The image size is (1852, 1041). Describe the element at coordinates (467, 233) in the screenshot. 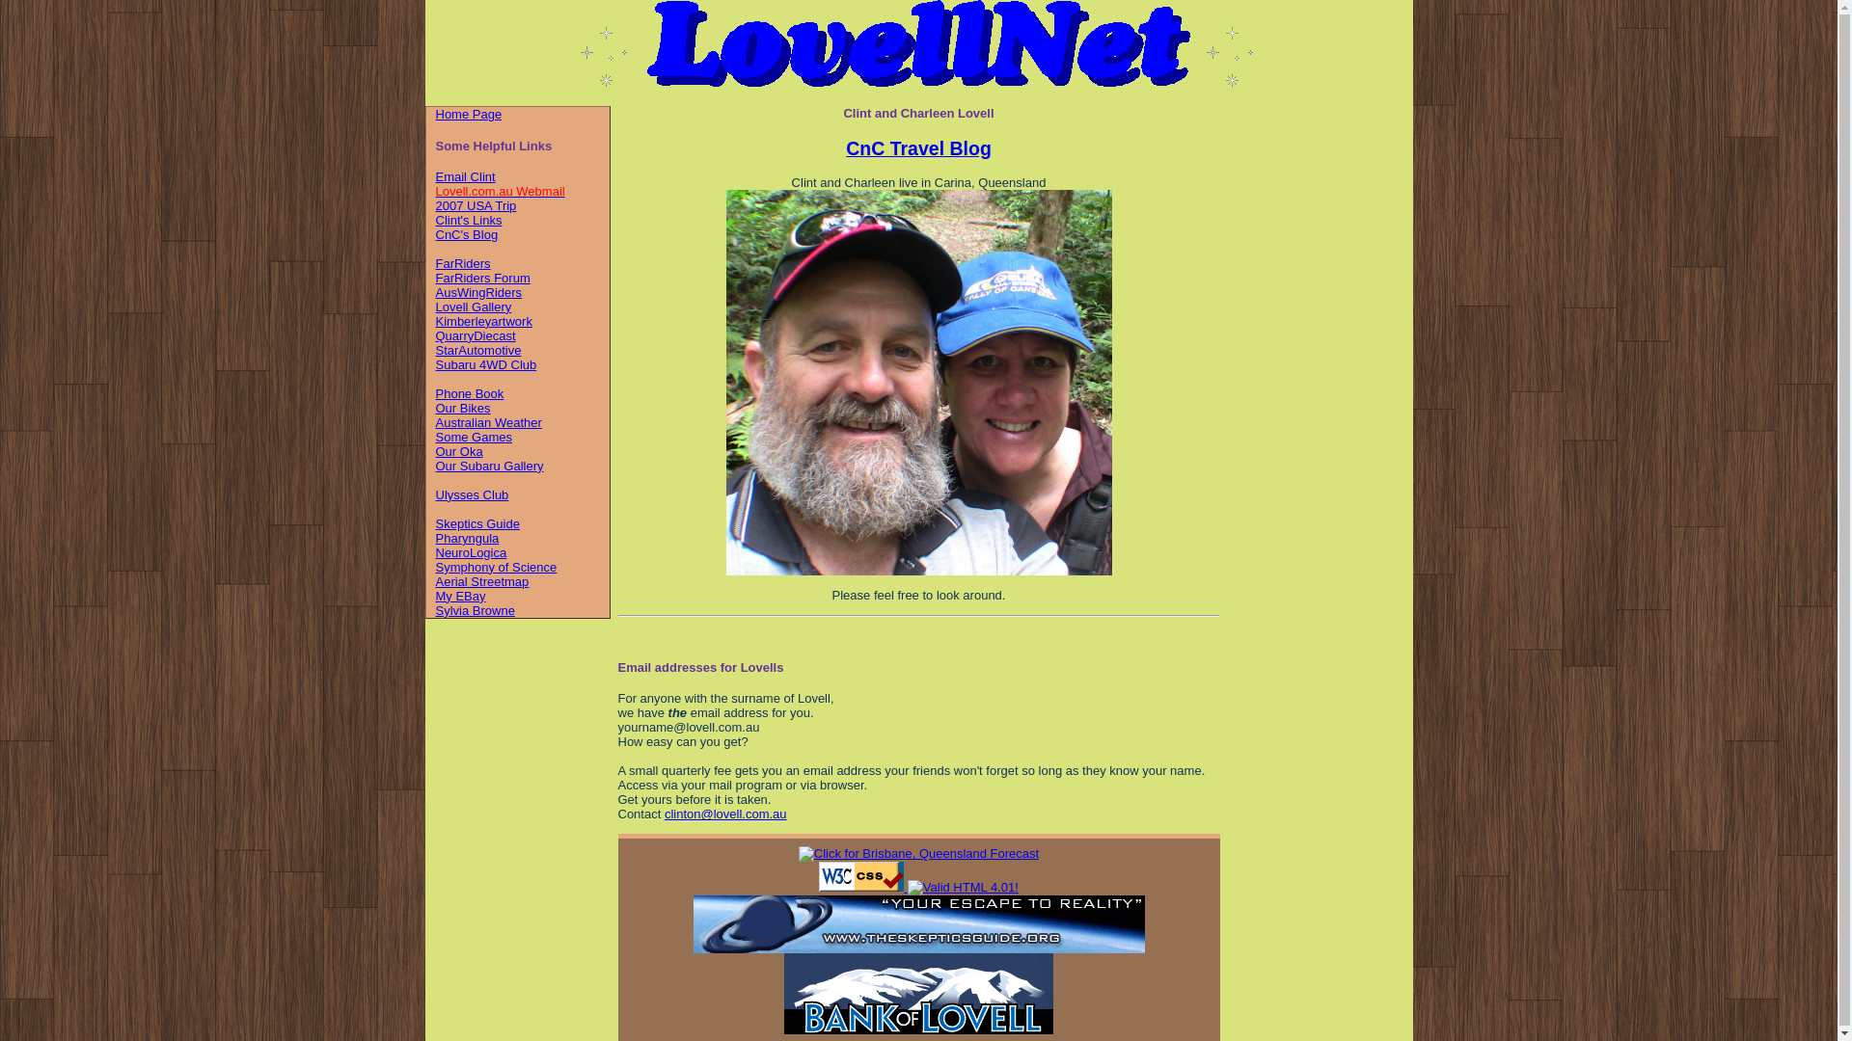

I see `'CnC's Blog'` at that location.